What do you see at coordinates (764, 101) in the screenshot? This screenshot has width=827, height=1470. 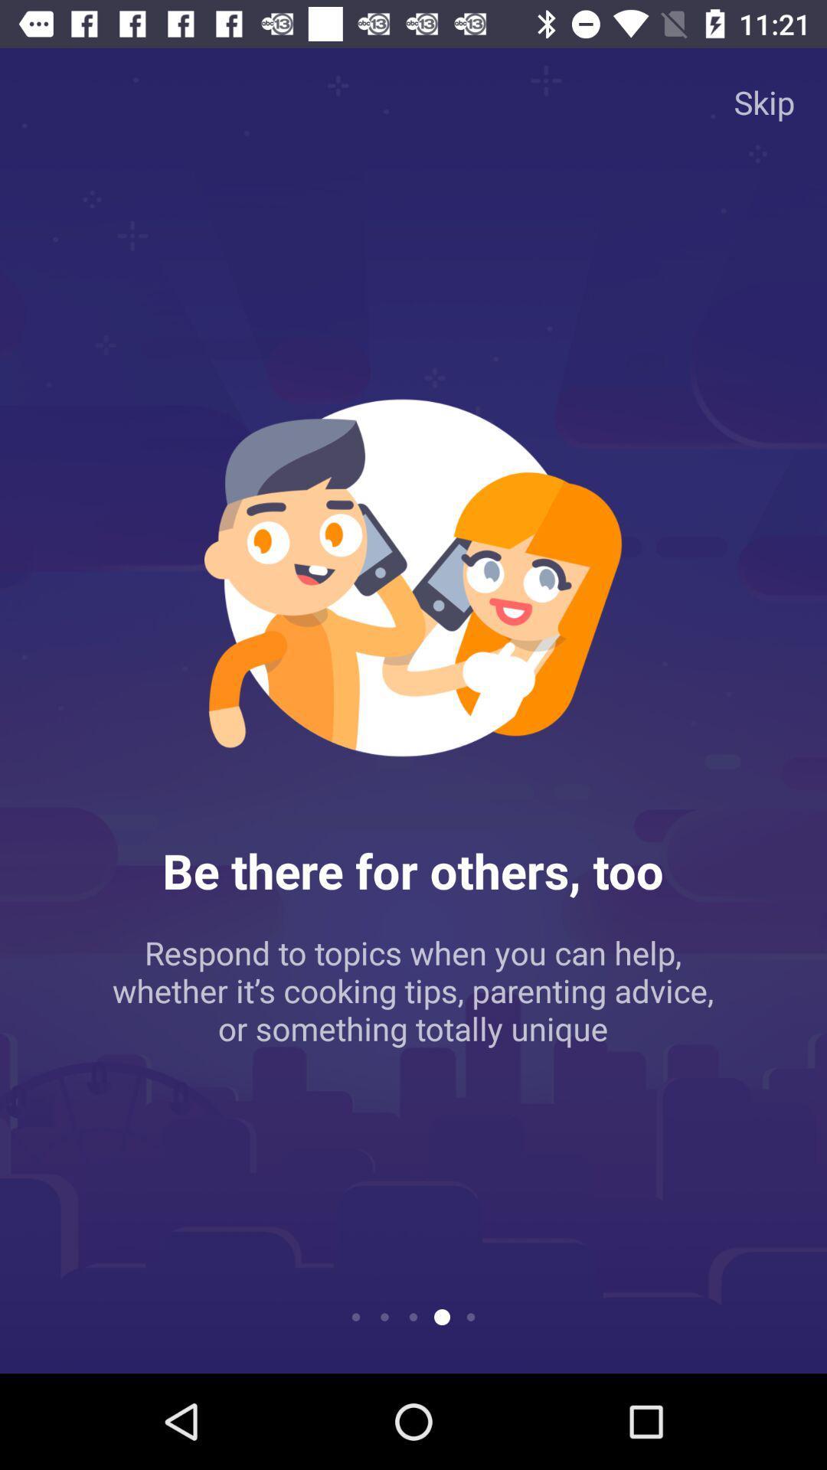 I see `the skip` at bounding box center [764, 101].